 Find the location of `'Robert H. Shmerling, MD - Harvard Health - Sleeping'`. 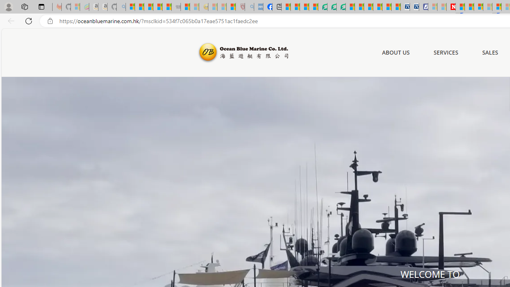

'Robert H. Shmerling, MD - Harvard Health - Sleeping' is located at coordinates (239, 7).